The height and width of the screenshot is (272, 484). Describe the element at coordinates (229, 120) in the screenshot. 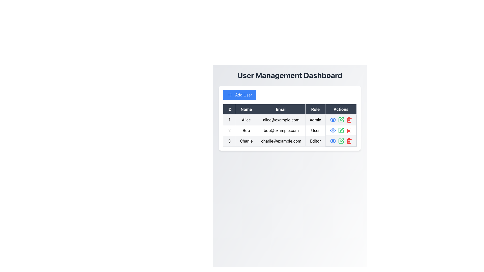

I see `the first cell in the first row of the table body that displays the ID number, located under the 'ID' column header and adjacent to the 'Alice' cell in the 'Name' column, to focus it` at that location.